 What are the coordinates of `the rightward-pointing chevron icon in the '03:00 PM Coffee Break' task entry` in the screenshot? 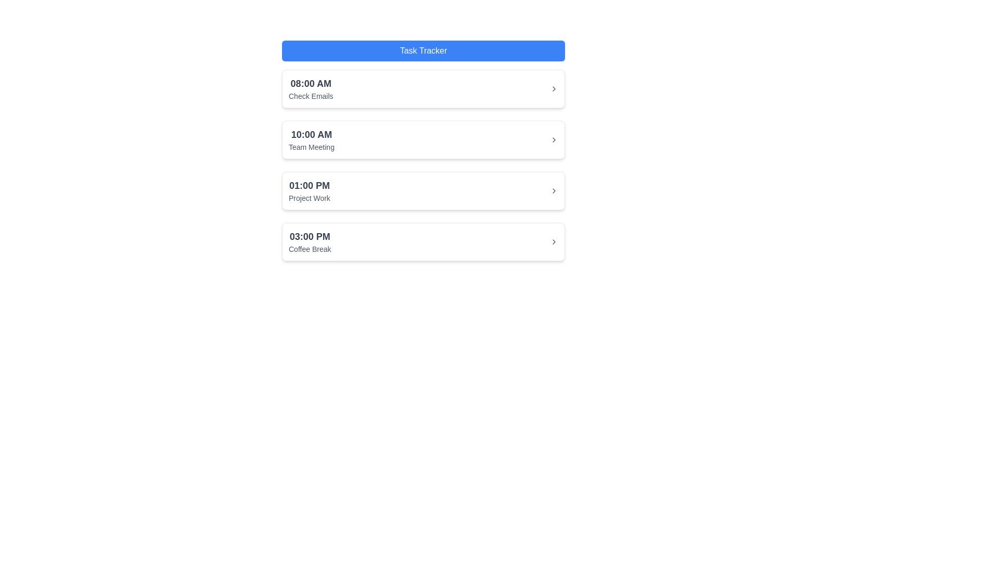 It's located at (554, 242).